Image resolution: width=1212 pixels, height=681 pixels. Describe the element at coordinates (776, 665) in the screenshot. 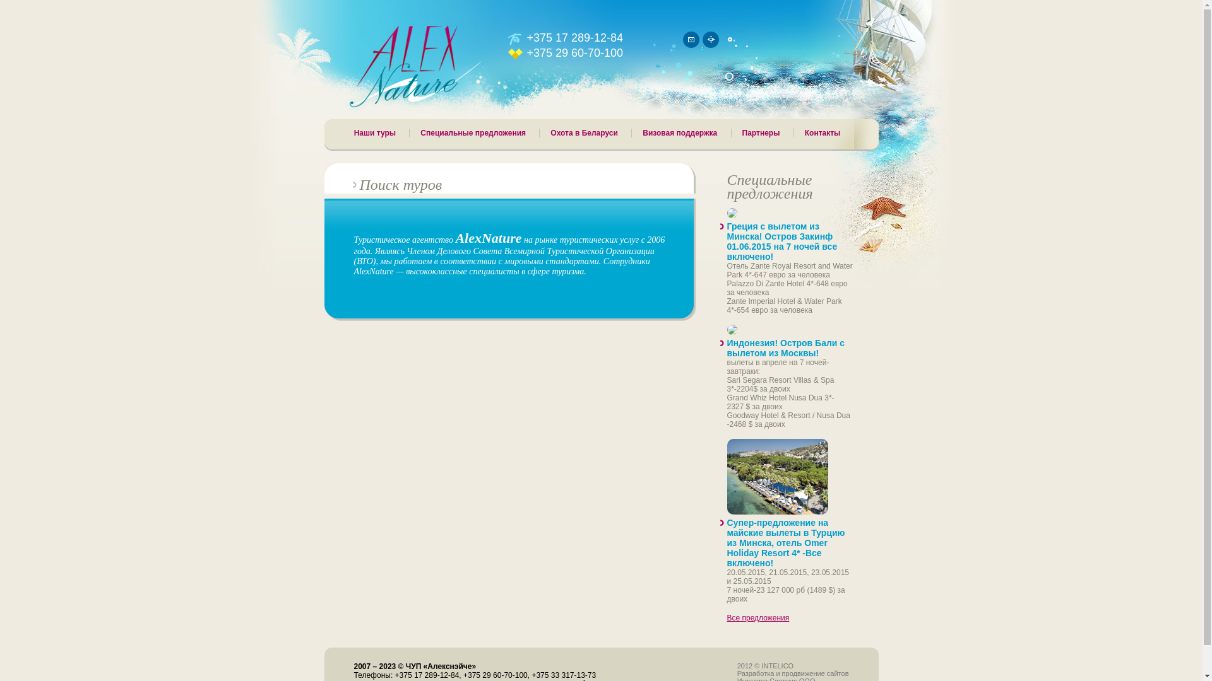

I see `'INTELICO'` at that location.